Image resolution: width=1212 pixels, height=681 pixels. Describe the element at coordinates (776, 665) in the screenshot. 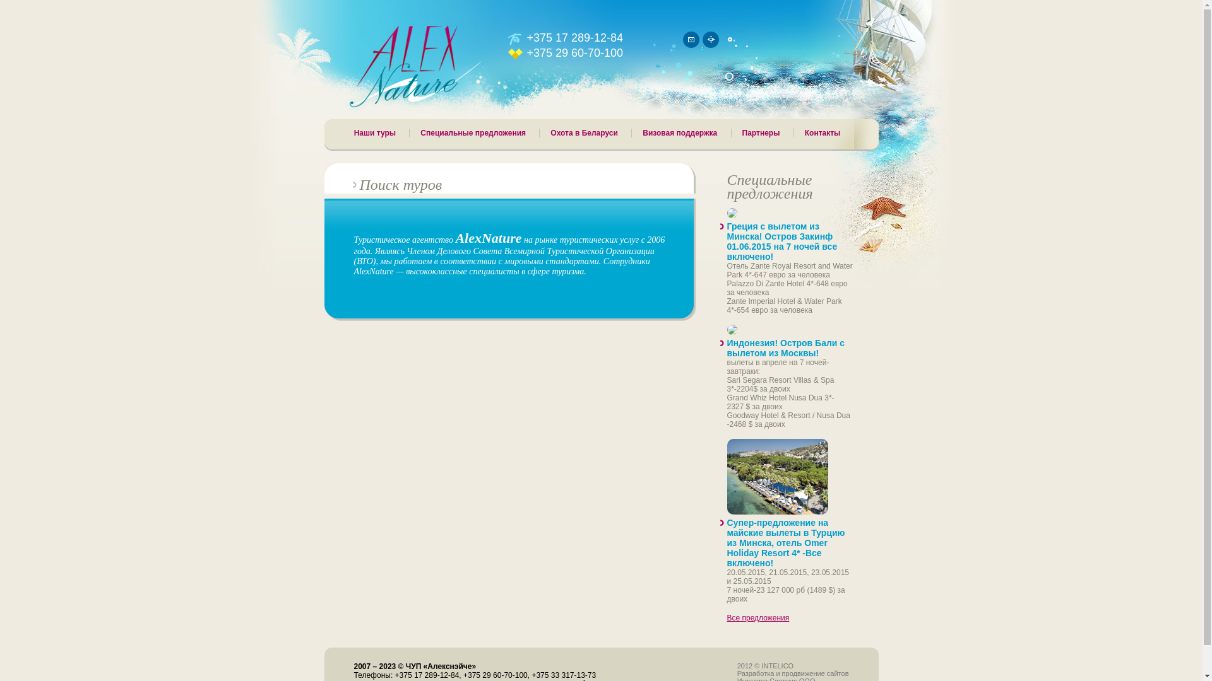

I see `'INTELICO'` at that location.